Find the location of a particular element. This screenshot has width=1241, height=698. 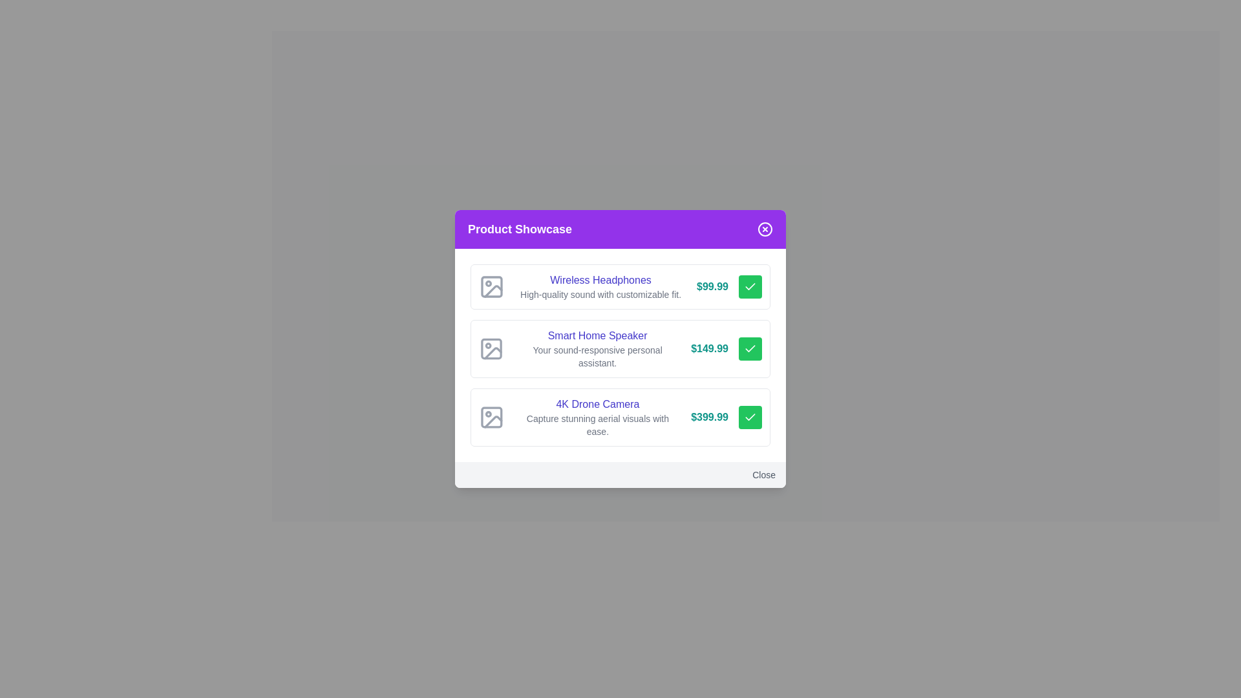

the interactive button with the icon associated with the 'Smart Home Speaker' is located at coordinates (750, 349).